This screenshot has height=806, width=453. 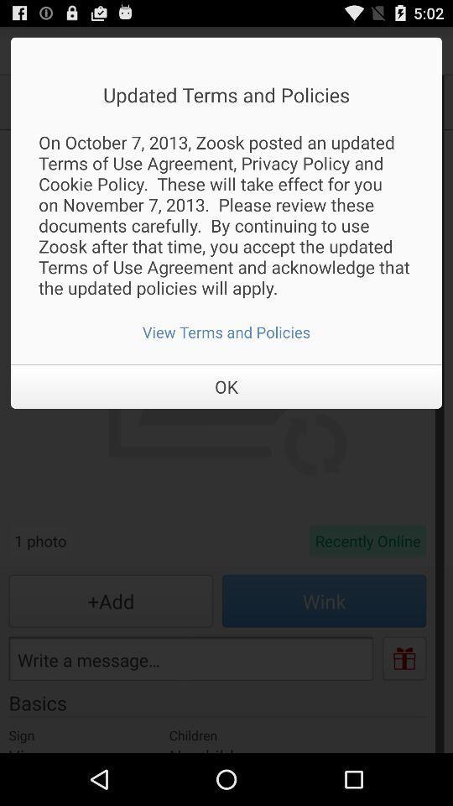 What do you see at coordinates (226, 386) in the screenshot?
I see `item below the view terms and` at bounding box center [226, 386].